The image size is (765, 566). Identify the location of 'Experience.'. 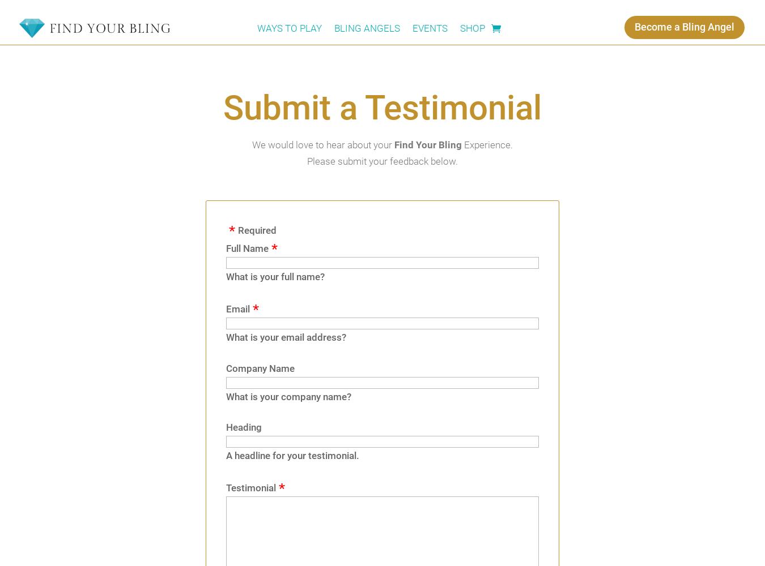
(487, 145).